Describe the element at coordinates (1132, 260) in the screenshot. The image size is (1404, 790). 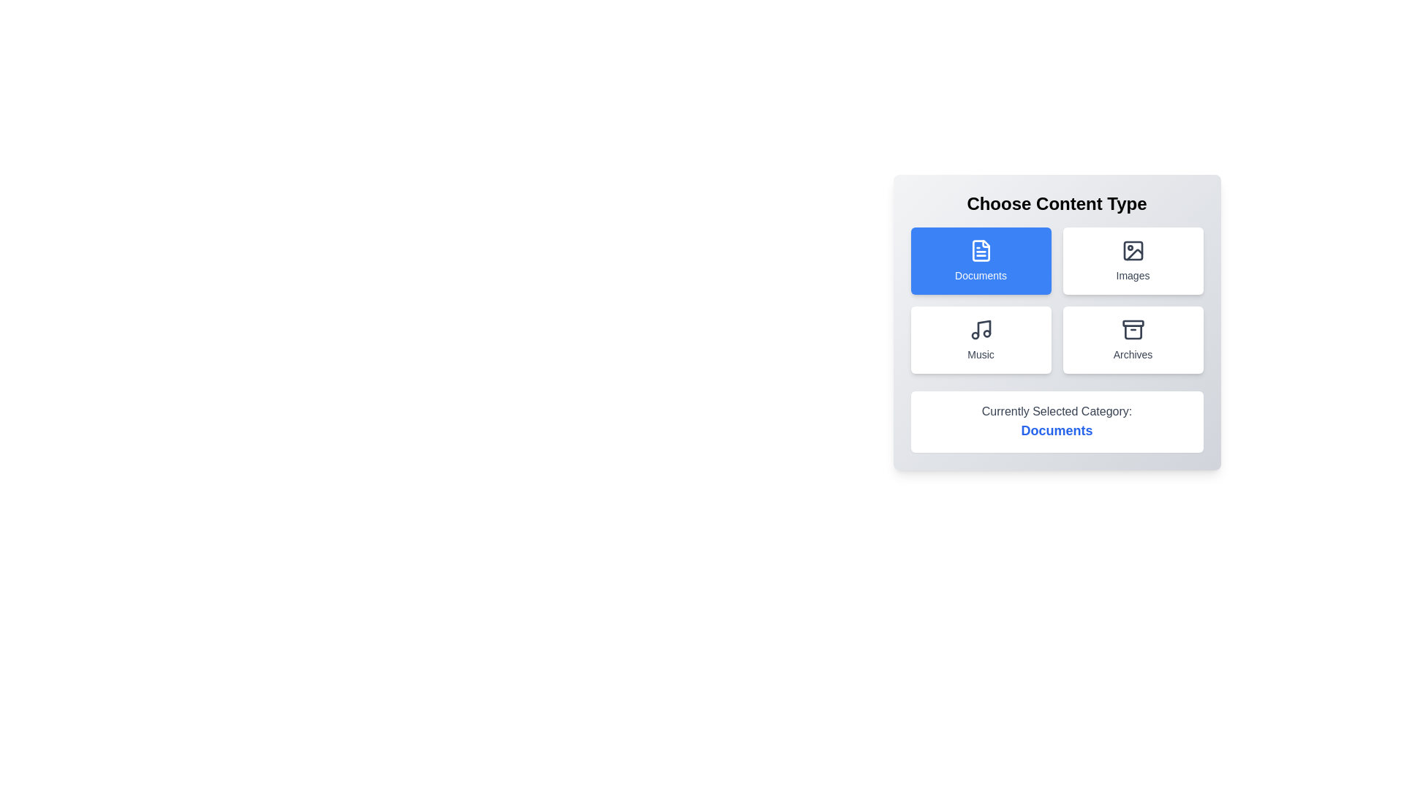
I see `the category button labeled Images to view its hover effect` at that location.